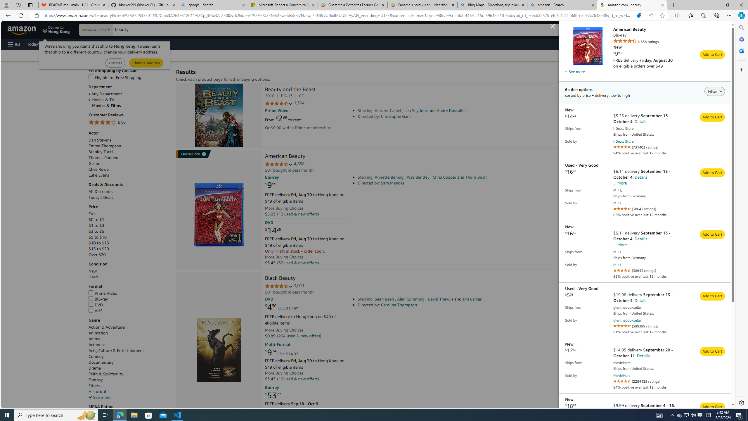  What do you see at coordinates (37, 15) in the screenshot?
I see `'View site information'` at bounding box center [37, 15].